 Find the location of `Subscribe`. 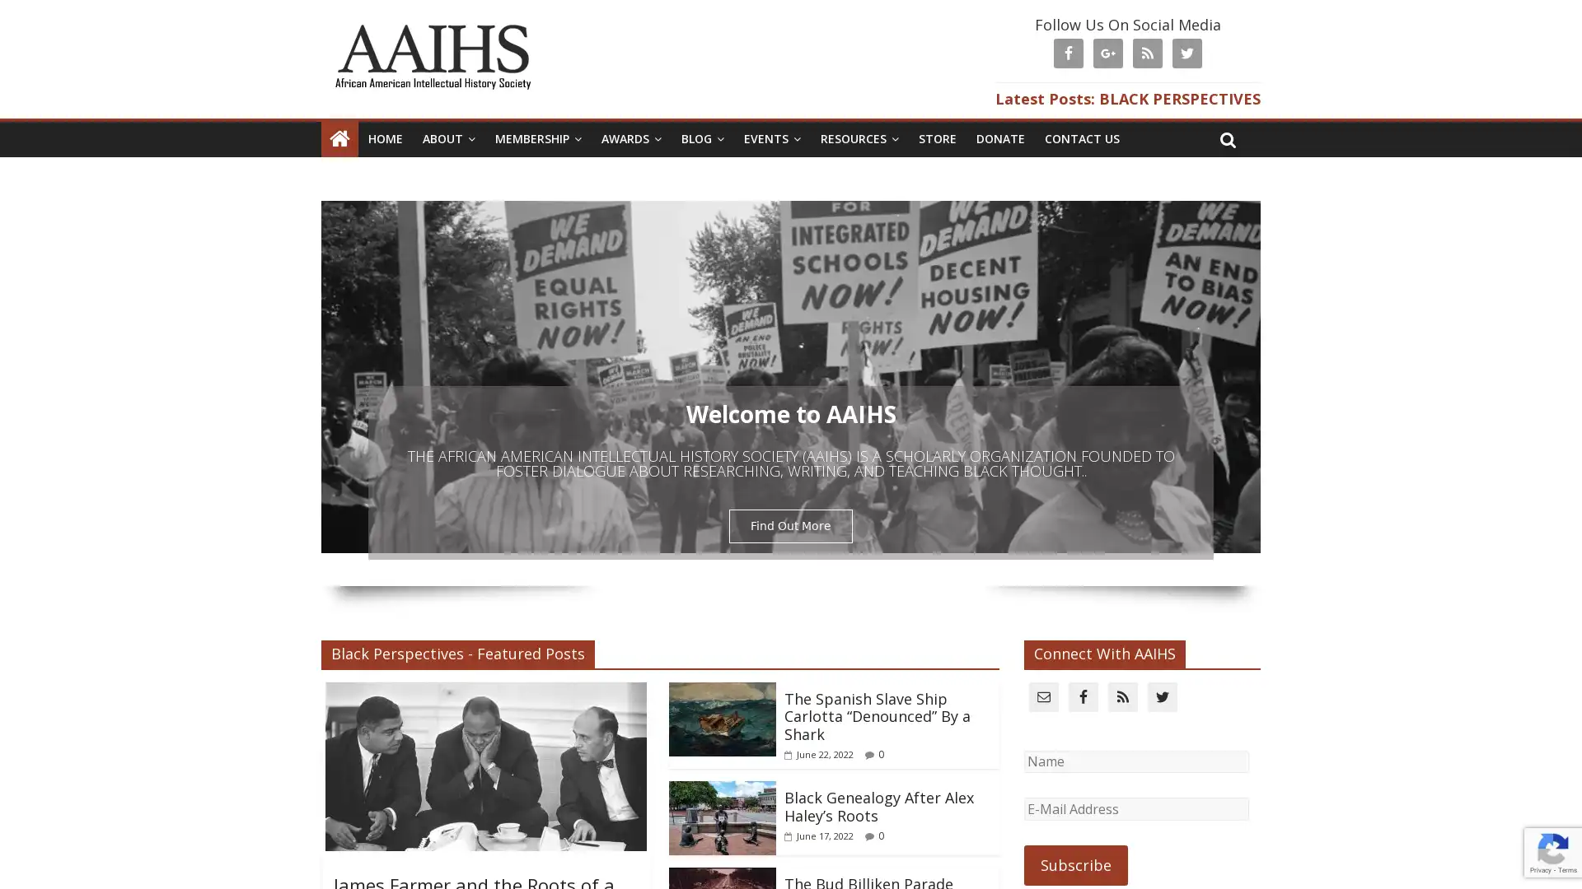

Subscribe is located at coordinates (1075, 863).